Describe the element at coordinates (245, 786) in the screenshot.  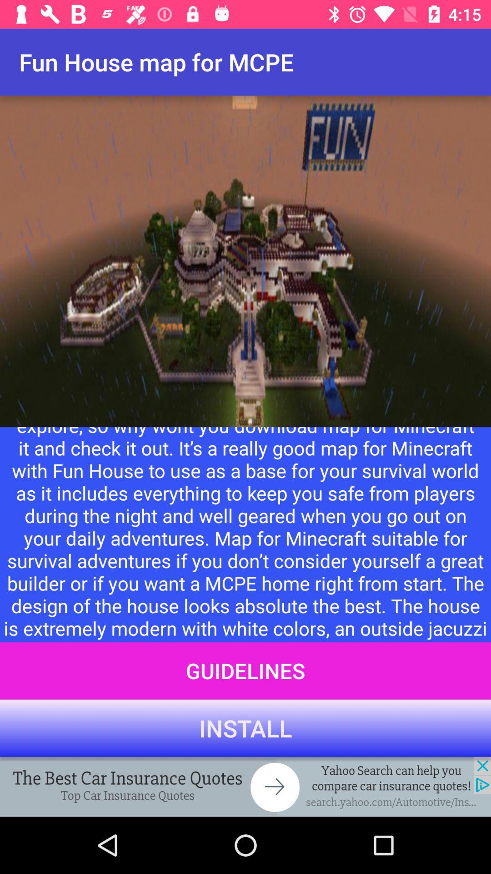
I see `car insurance advertisement` at that location.